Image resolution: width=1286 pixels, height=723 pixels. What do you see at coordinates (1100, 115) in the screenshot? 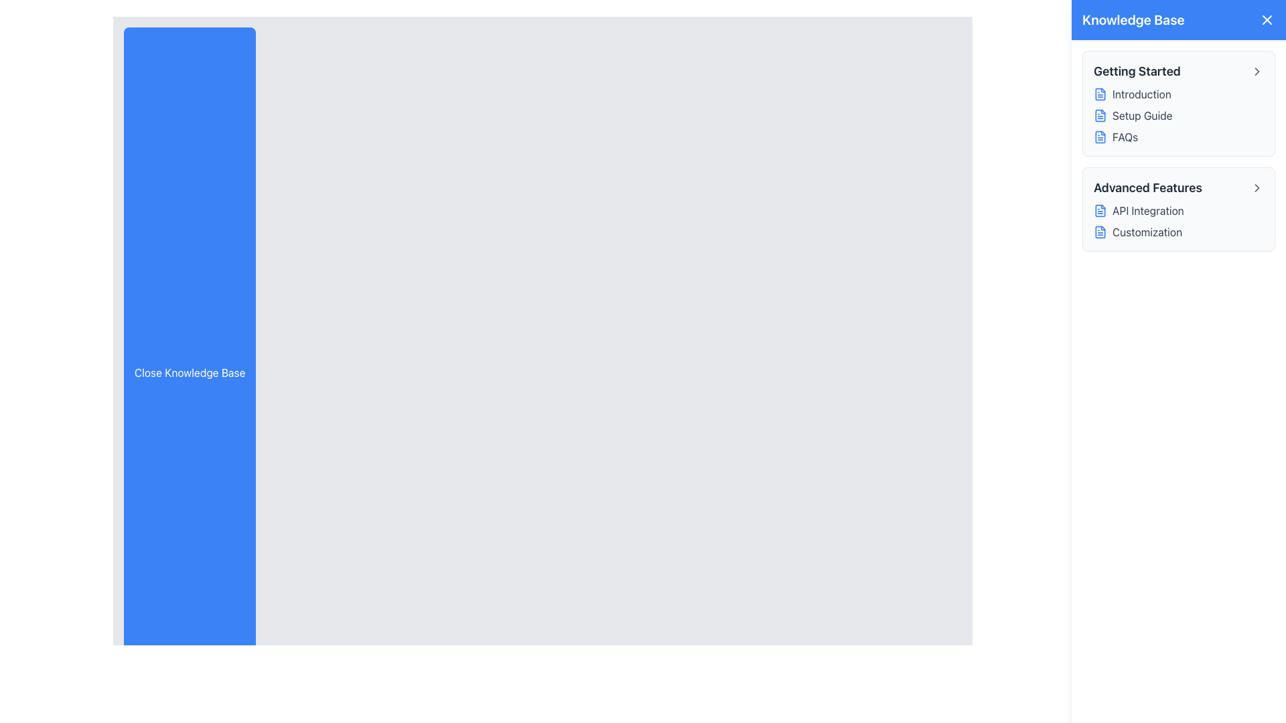
I see `the small blue document icon located next to the text 'Setup Guide' in the 'Getting Started' section of the sidebar` at bounding box center [1100, 115].